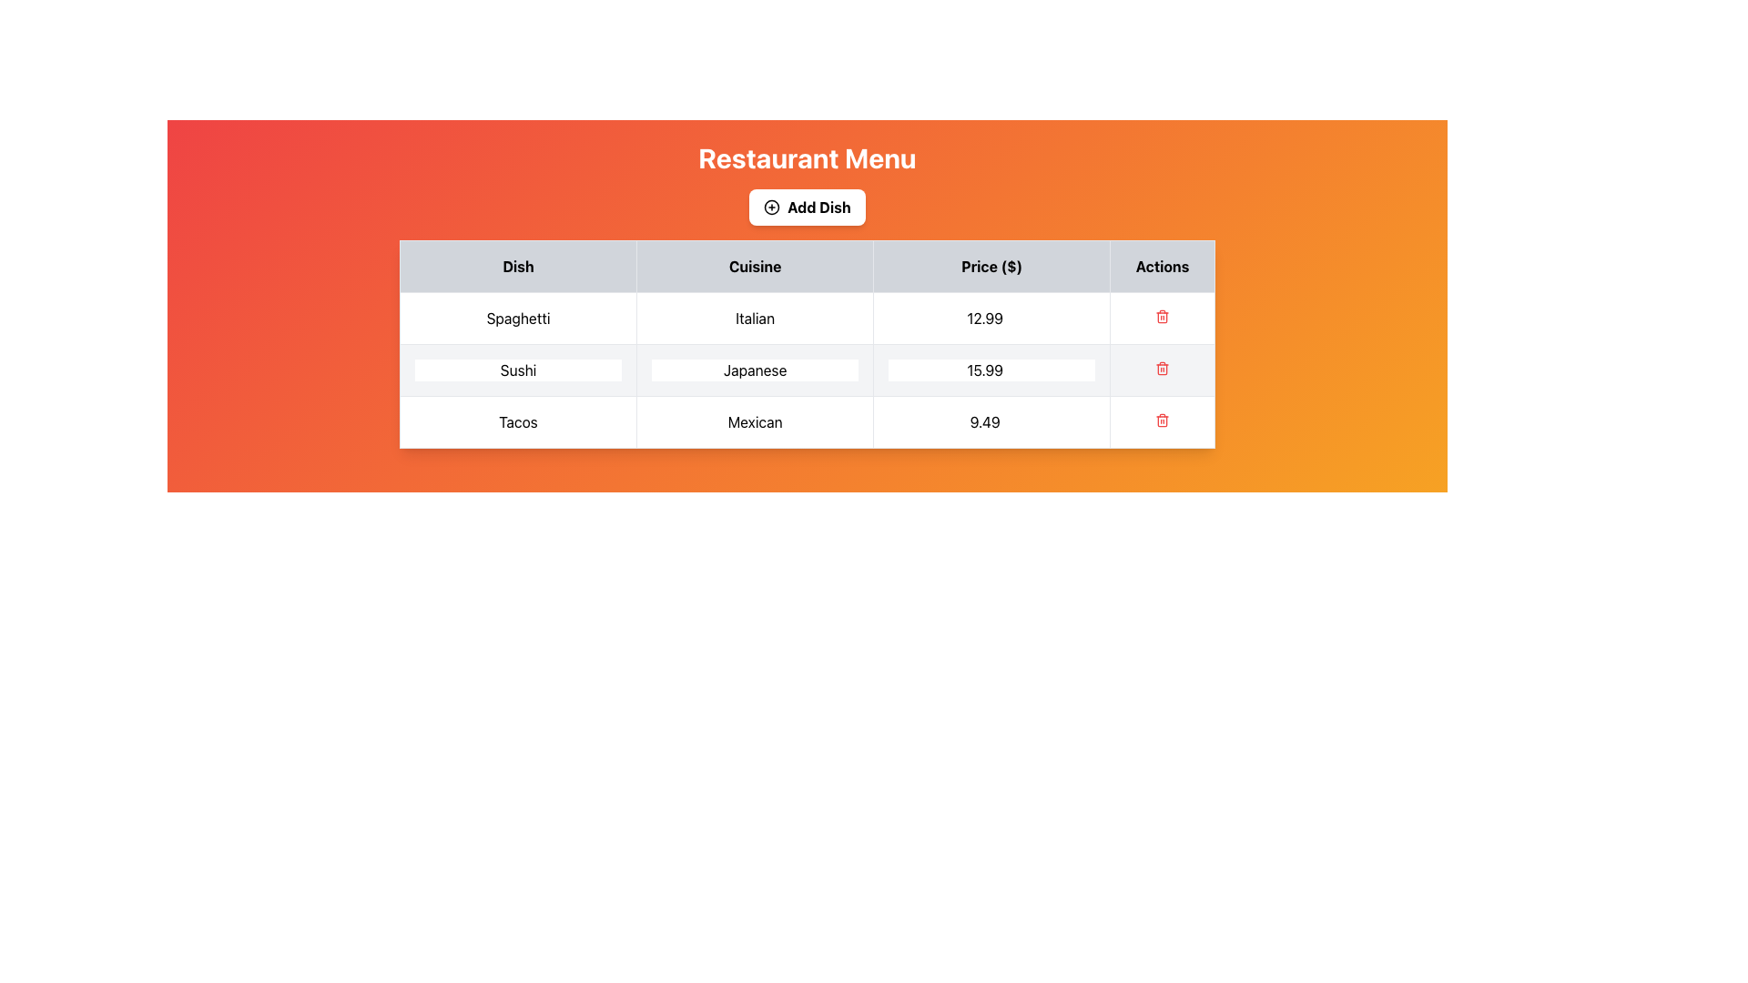  I want to click on the non-interactive text display showing 'Mexican' in the restaurant menu table, which is located in the third row and second column, aligned with the dish 'Tacos', so click(755, 421).